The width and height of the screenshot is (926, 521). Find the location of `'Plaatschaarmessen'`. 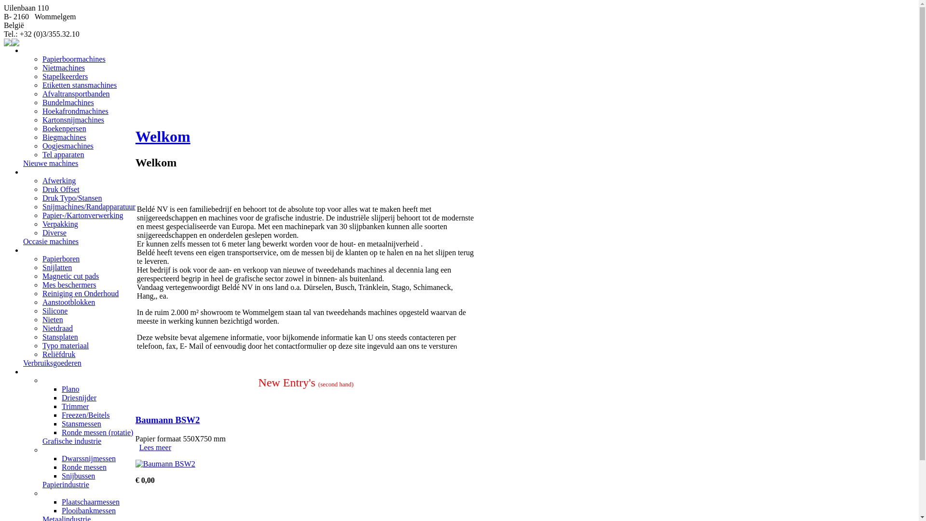

'Plaatschaarmessen' is located at coordinates (90, 501).